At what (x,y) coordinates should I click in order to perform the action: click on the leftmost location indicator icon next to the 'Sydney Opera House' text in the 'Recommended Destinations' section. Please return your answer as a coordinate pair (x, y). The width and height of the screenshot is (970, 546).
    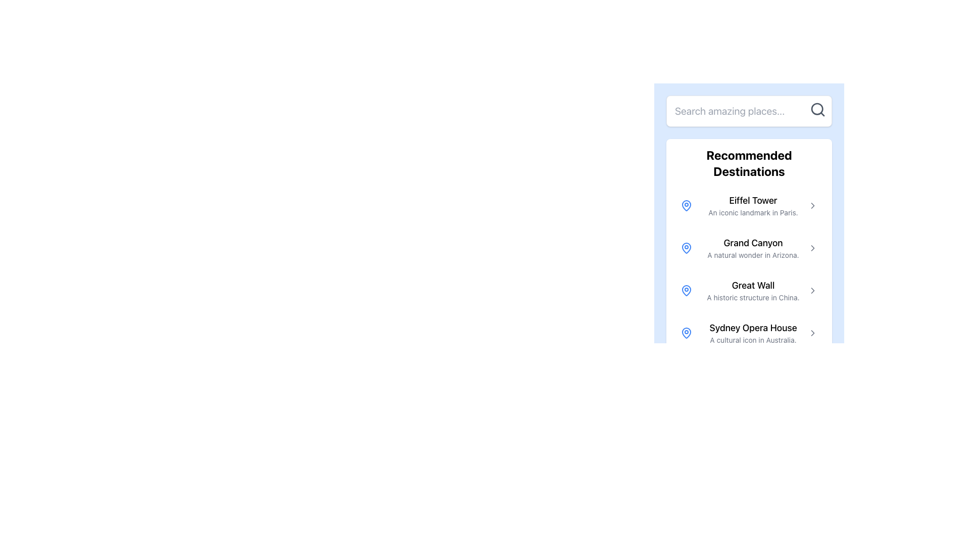
    Looking at the image, I should click on (686, 333).